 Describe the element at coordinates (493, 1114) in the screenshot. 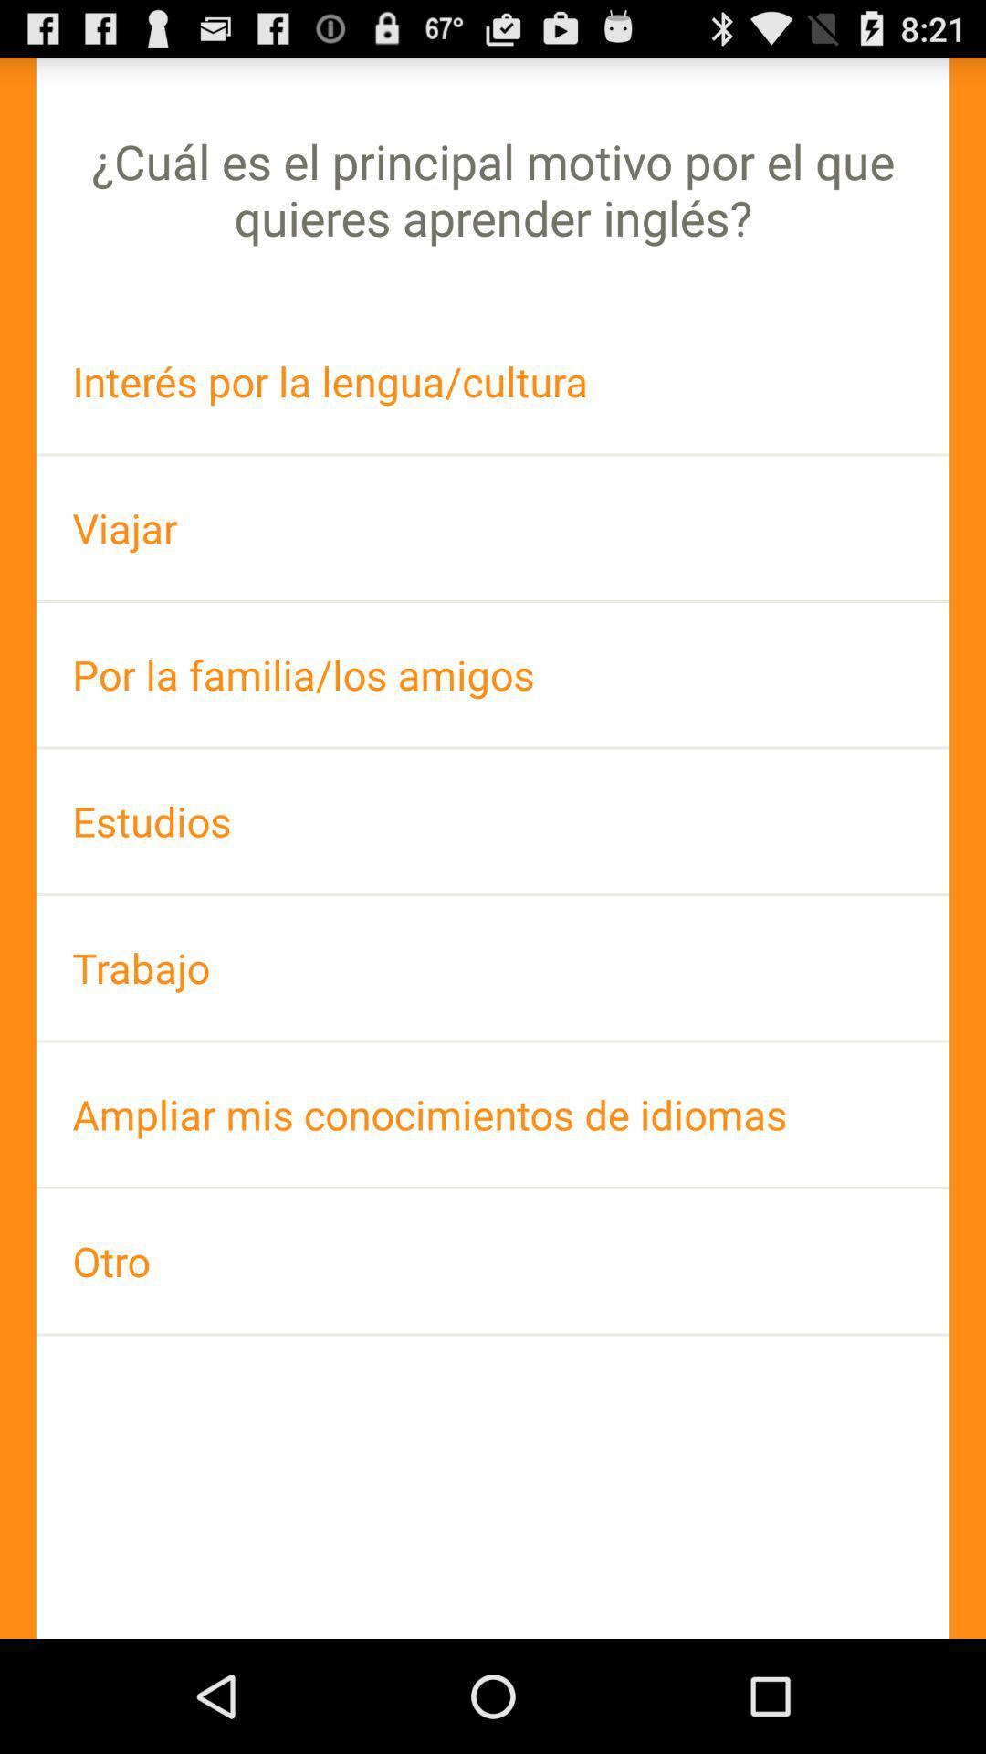

I see `icon below the trabajo app` at that location.